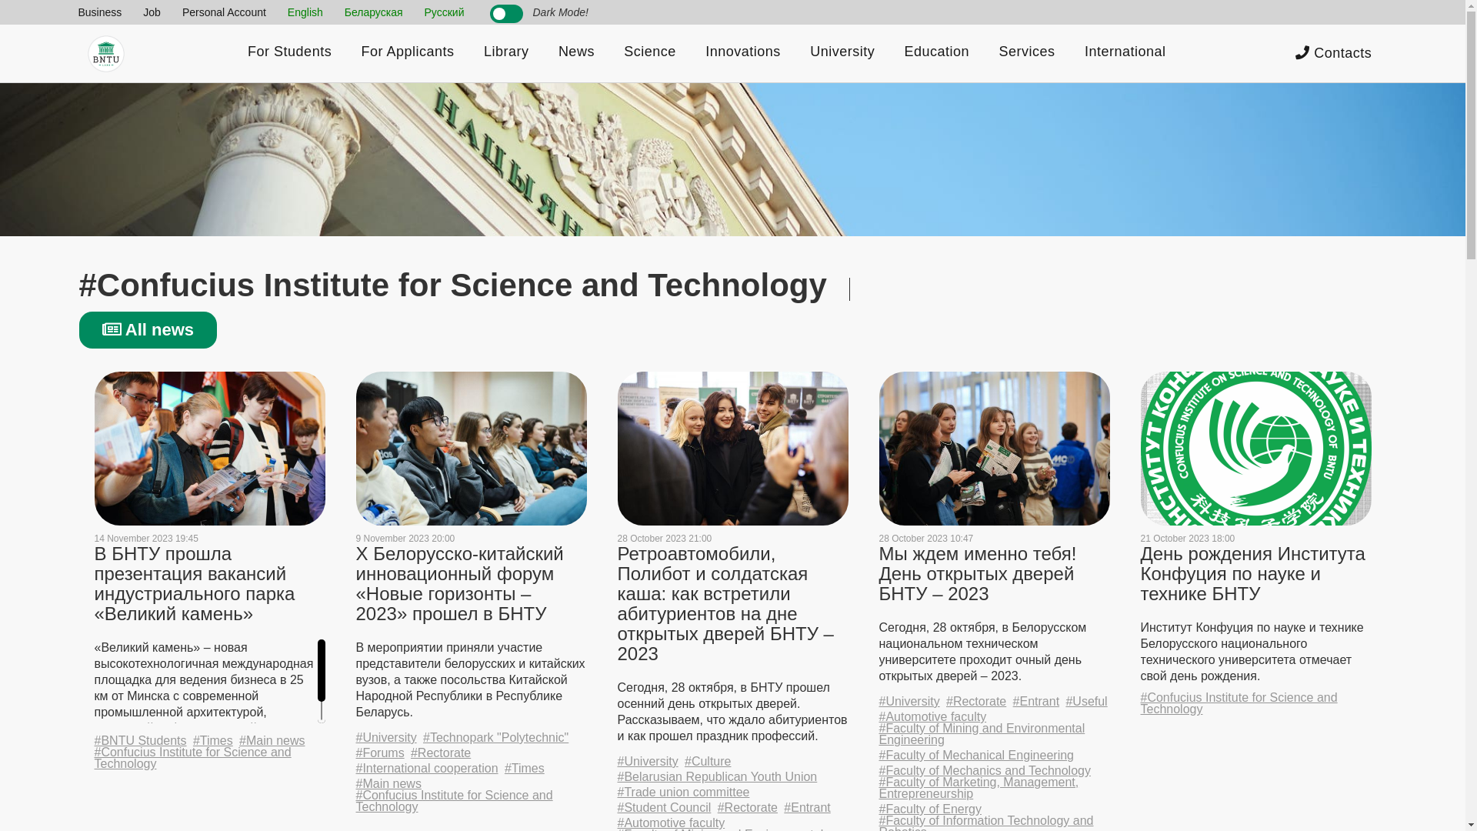 The image size is (1477, 831). What do you see at coordinates (1036, 701) in the screenshot?
I see `'#Entrant'` at bounding box center [1036, 701].